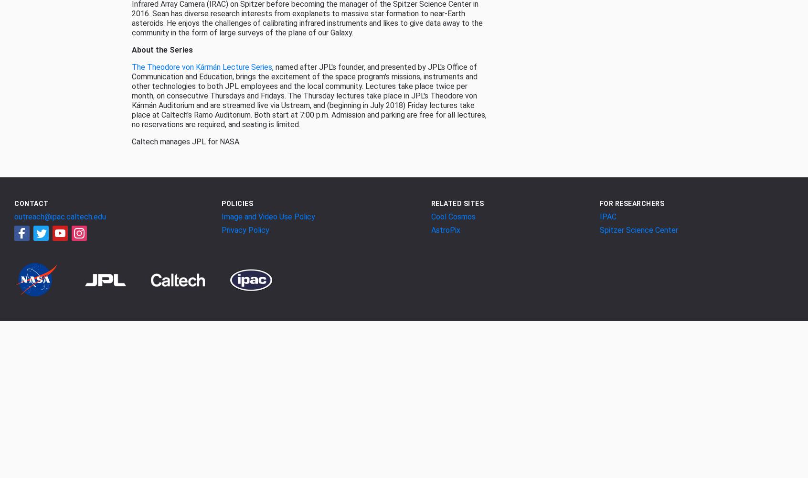 The height and width of the screenshot is (478, 808). Describe the element at coordinates (599, 229) in the screenshot. I see `'Spitzer Science Center'` at that location.